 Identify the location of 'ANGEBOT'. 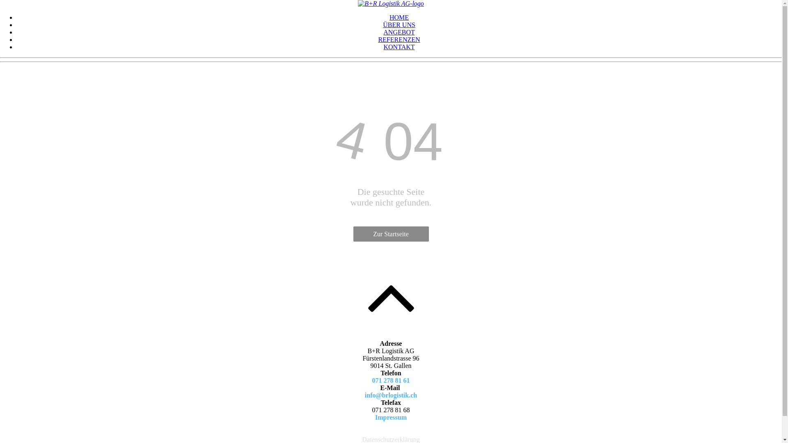
(399, 32).